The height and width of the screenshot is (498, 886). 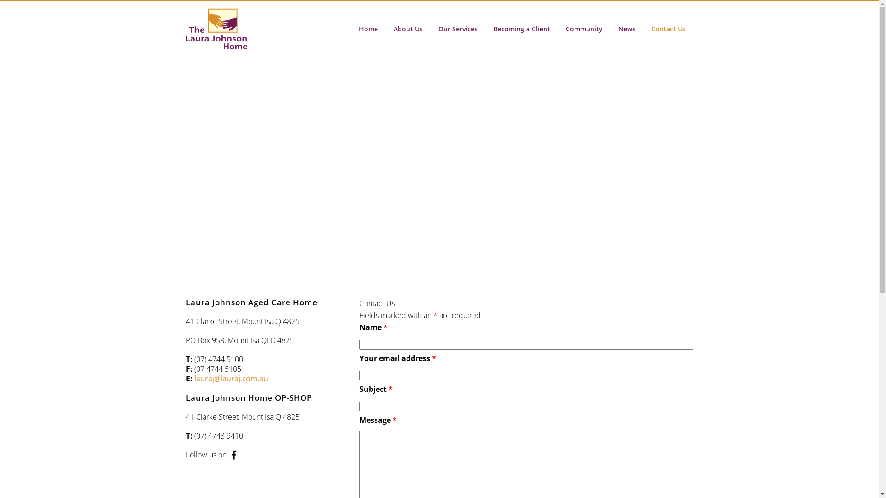 What do you see at coordinates (457, 28) in the screenshot?
I see `'Our Services'` at bounding box center [457, 28].